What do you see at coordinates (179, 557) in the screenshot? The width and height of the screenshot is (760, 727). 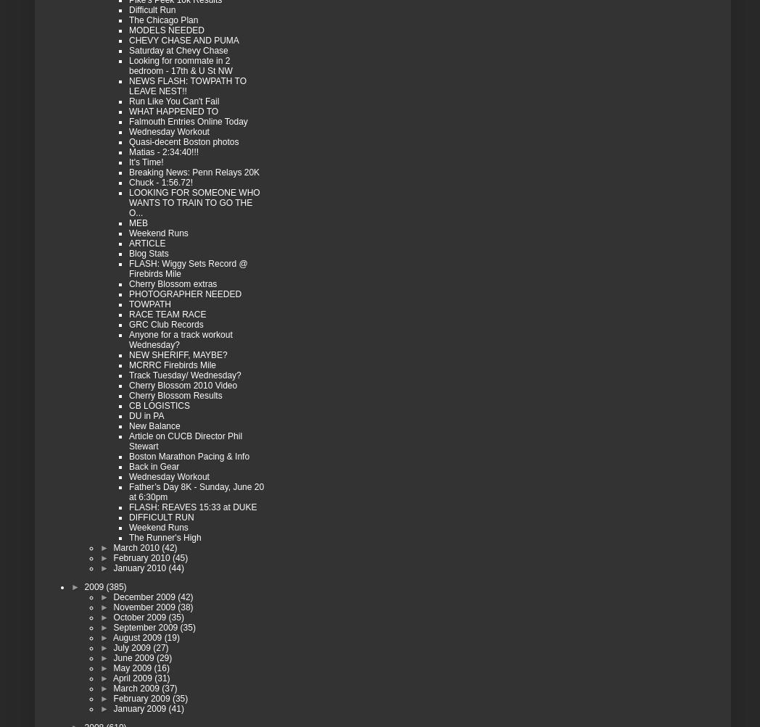 I see `'(45)'` at bounding box center [179, 557].